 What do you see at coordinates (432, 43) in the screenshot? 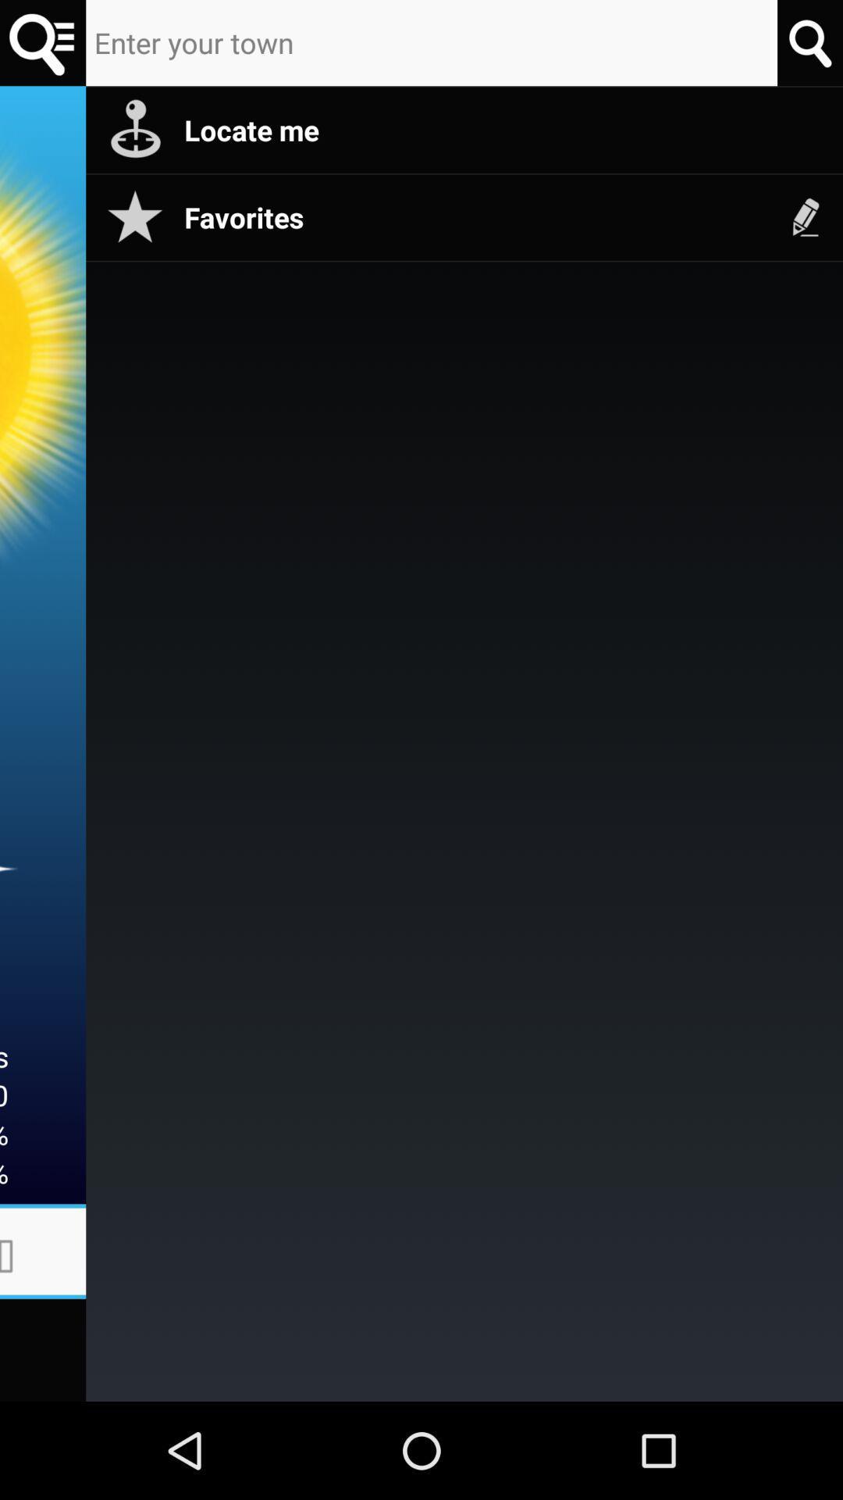
I see `enter your town` at bounding box center [432, 43].